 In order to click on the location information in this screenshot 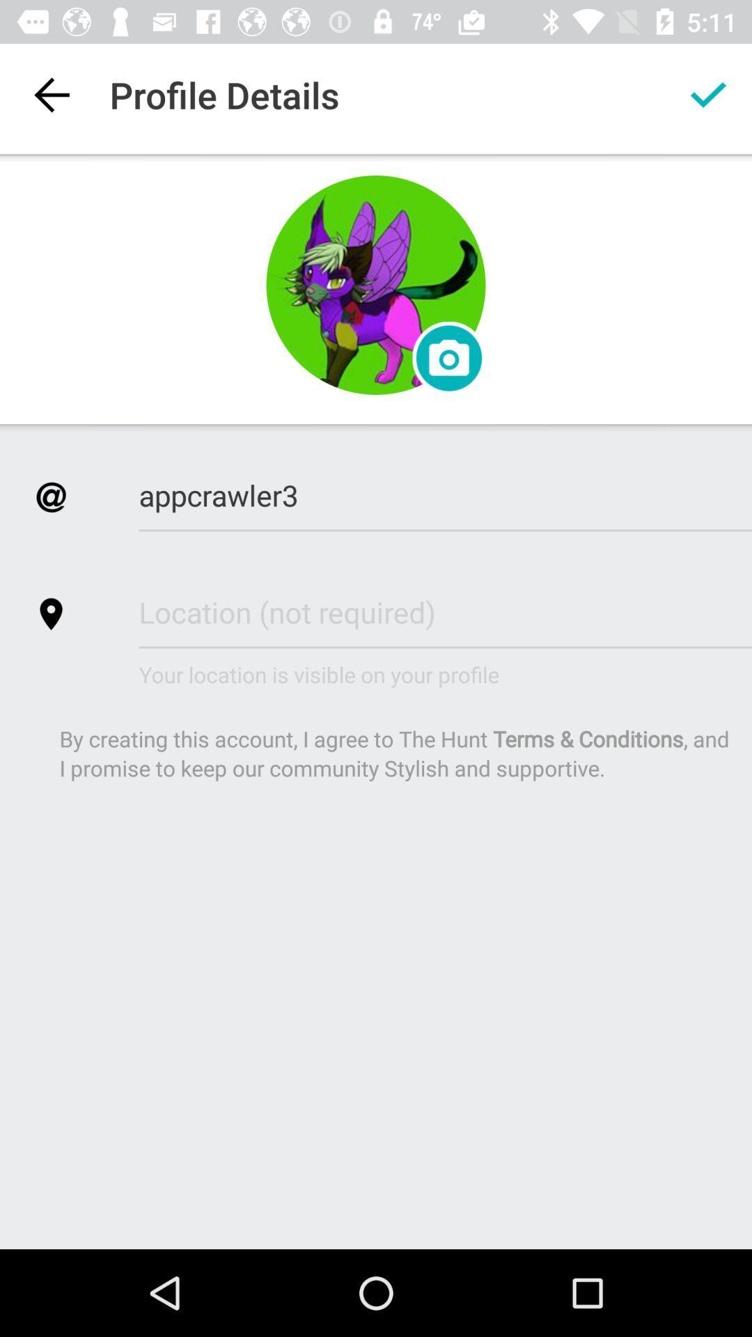, I will do `click(445, 611)`.